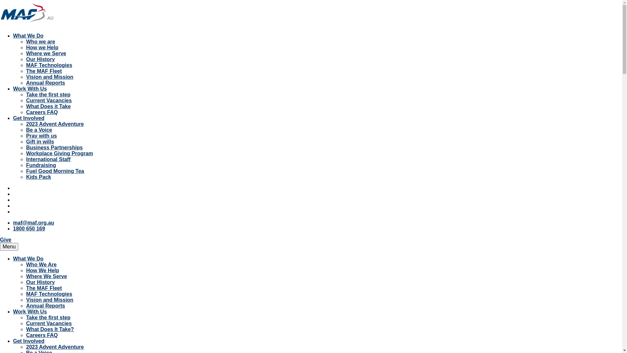 The height and width of the screenshot is (353, 627). Describe the element at coordinates (6, 240) in the screenshot. I see `'Give'` at that location.